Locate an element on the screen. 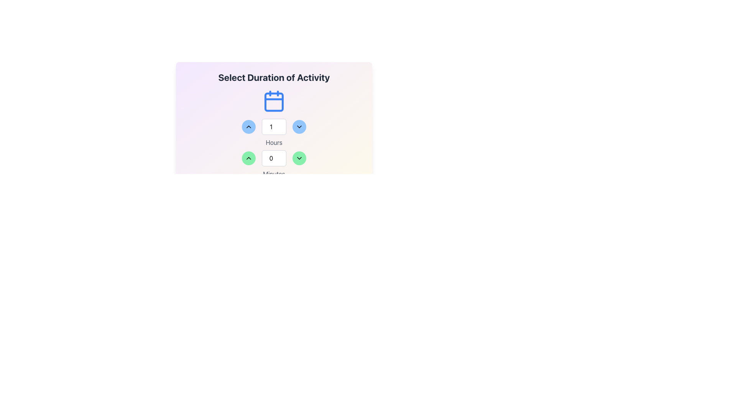 Image resolution: width=736 pixels, height=414 pixels. the downward chevron icon embedded within the circular green button located to the right of the 'Minutes' numeric field is located at coordinates (299, 158).